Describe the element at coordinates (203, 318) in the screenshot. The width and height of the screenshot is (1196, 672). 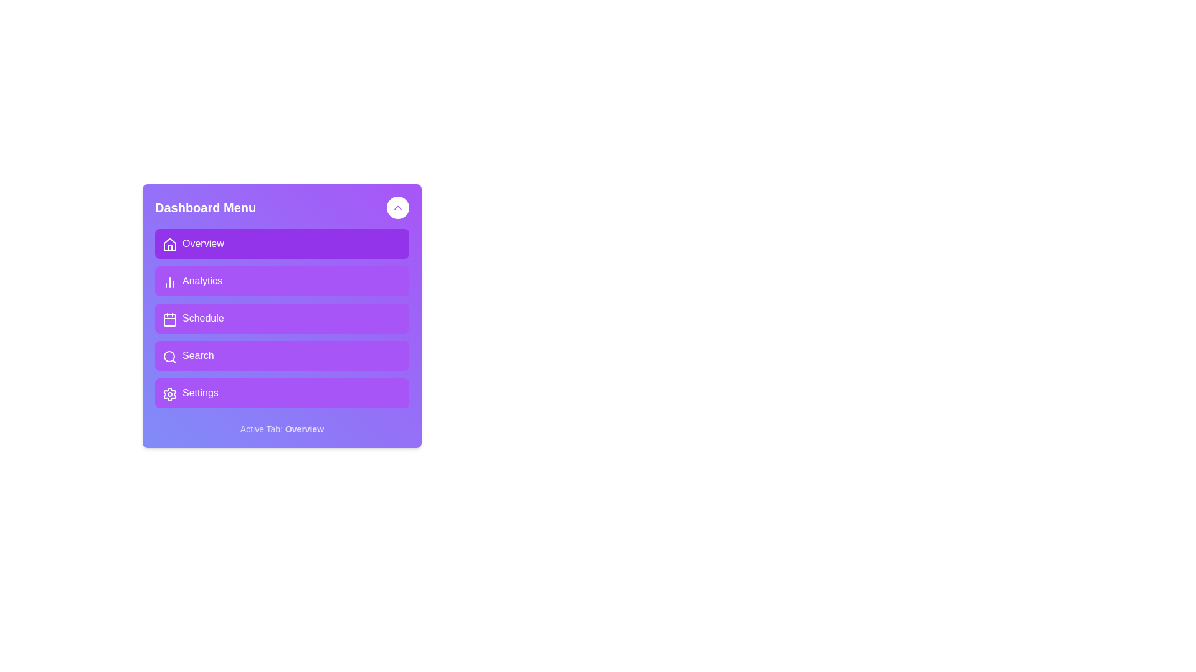
I see `text of the 'Schedule' text label, which is styled with a purple background and located in the navigation menu under the 'Dashboard Menu' heading as the third item` at that location.